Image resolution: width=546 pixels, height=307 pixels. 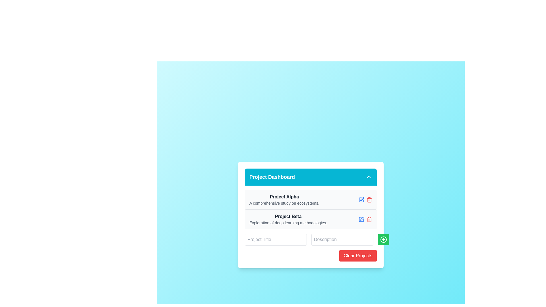 What do you see at coordinates (272, 177) in the screenshot?
I see `the text label reading 'Project Dashboard', which is styled with a bold font and white color on a cyan background, positioned at the top of a card-like component` at bounding box center [272, 177].